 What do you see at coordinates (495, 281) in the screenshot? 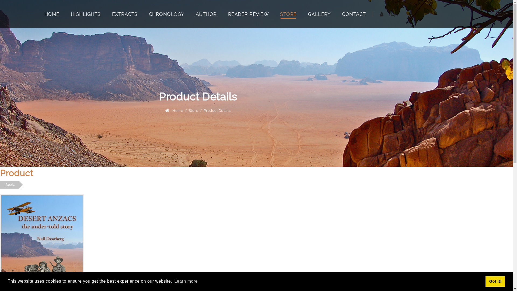
I see `'Got it!'` at bounding box center [495, 281].